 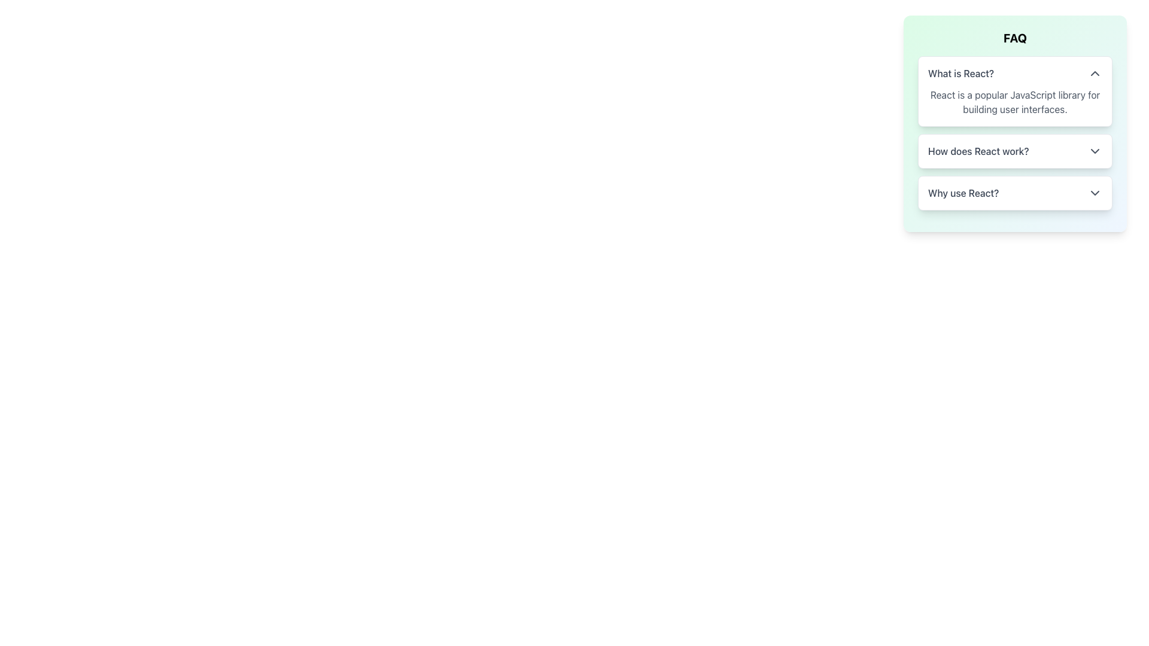 What do you see at coordinates (1095, 151) in the screenshot?
I see `the chevron-down icon located at the right end of the 'How does React work?' question row in the FAQ section` at bounding box center [1095, 151].